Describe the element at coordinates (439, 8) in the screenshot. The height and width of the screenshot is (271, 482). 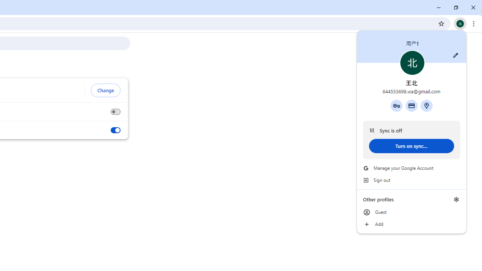
I see `'Minimize'` at that location.